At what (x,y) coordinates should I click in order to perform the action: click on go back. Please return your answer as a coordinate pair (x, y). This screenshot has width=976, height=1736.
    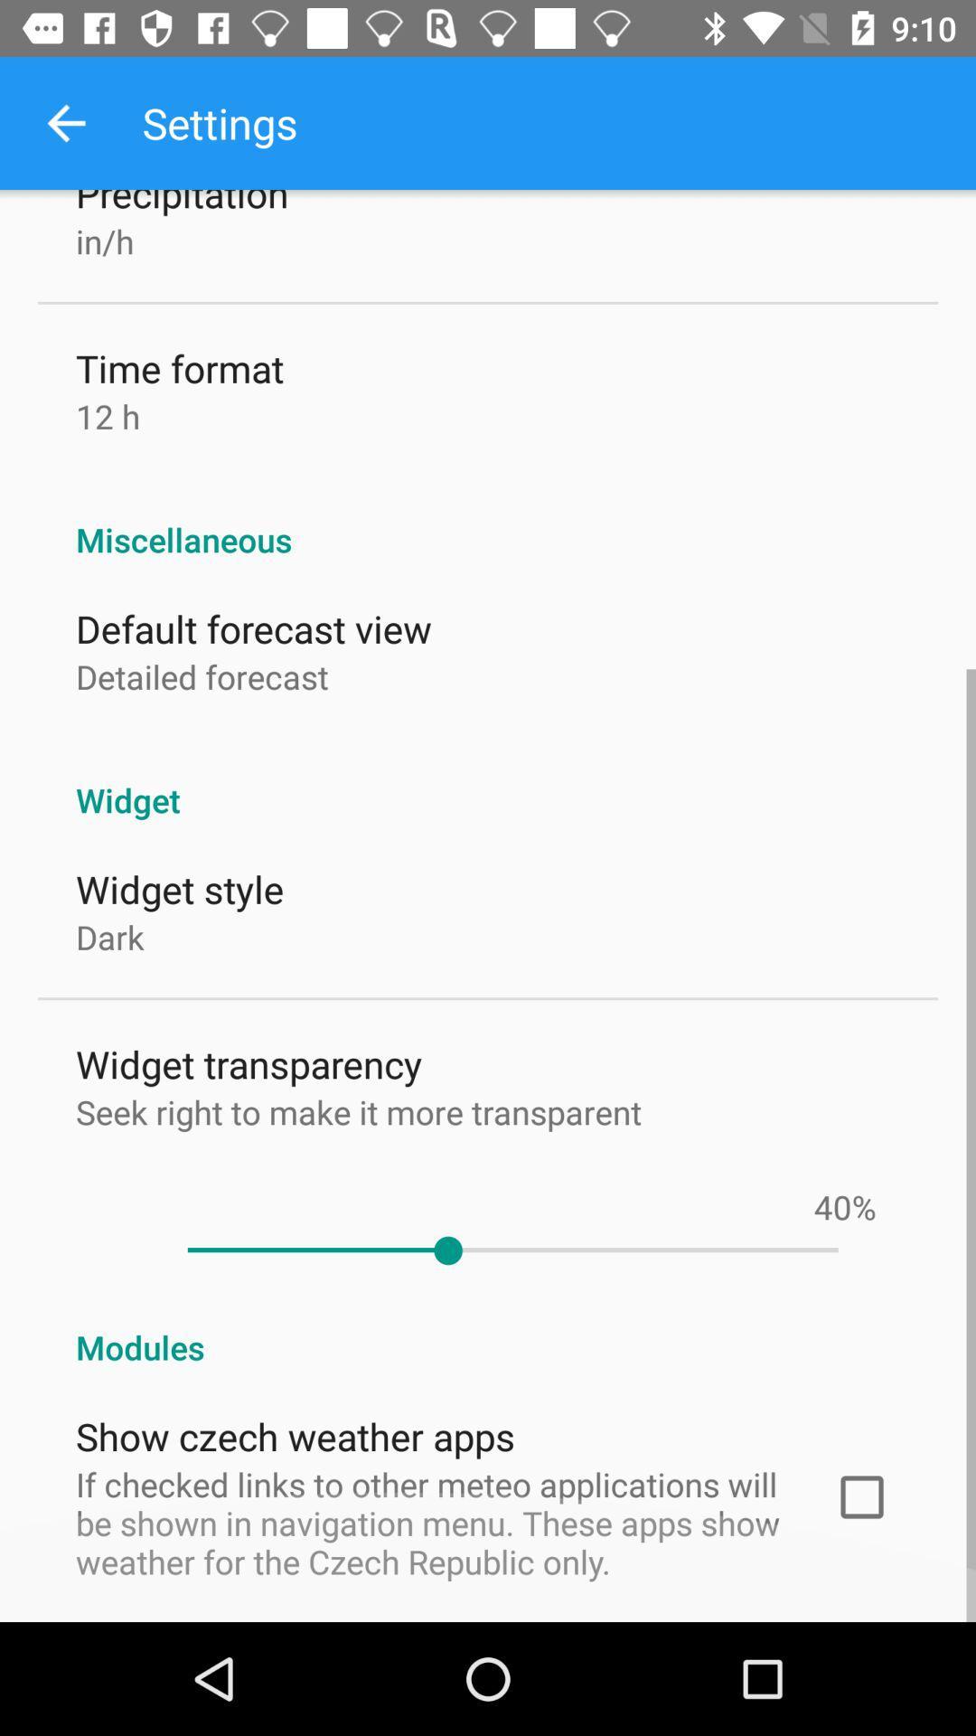
    Looking at the image, I should click on (65, 122).